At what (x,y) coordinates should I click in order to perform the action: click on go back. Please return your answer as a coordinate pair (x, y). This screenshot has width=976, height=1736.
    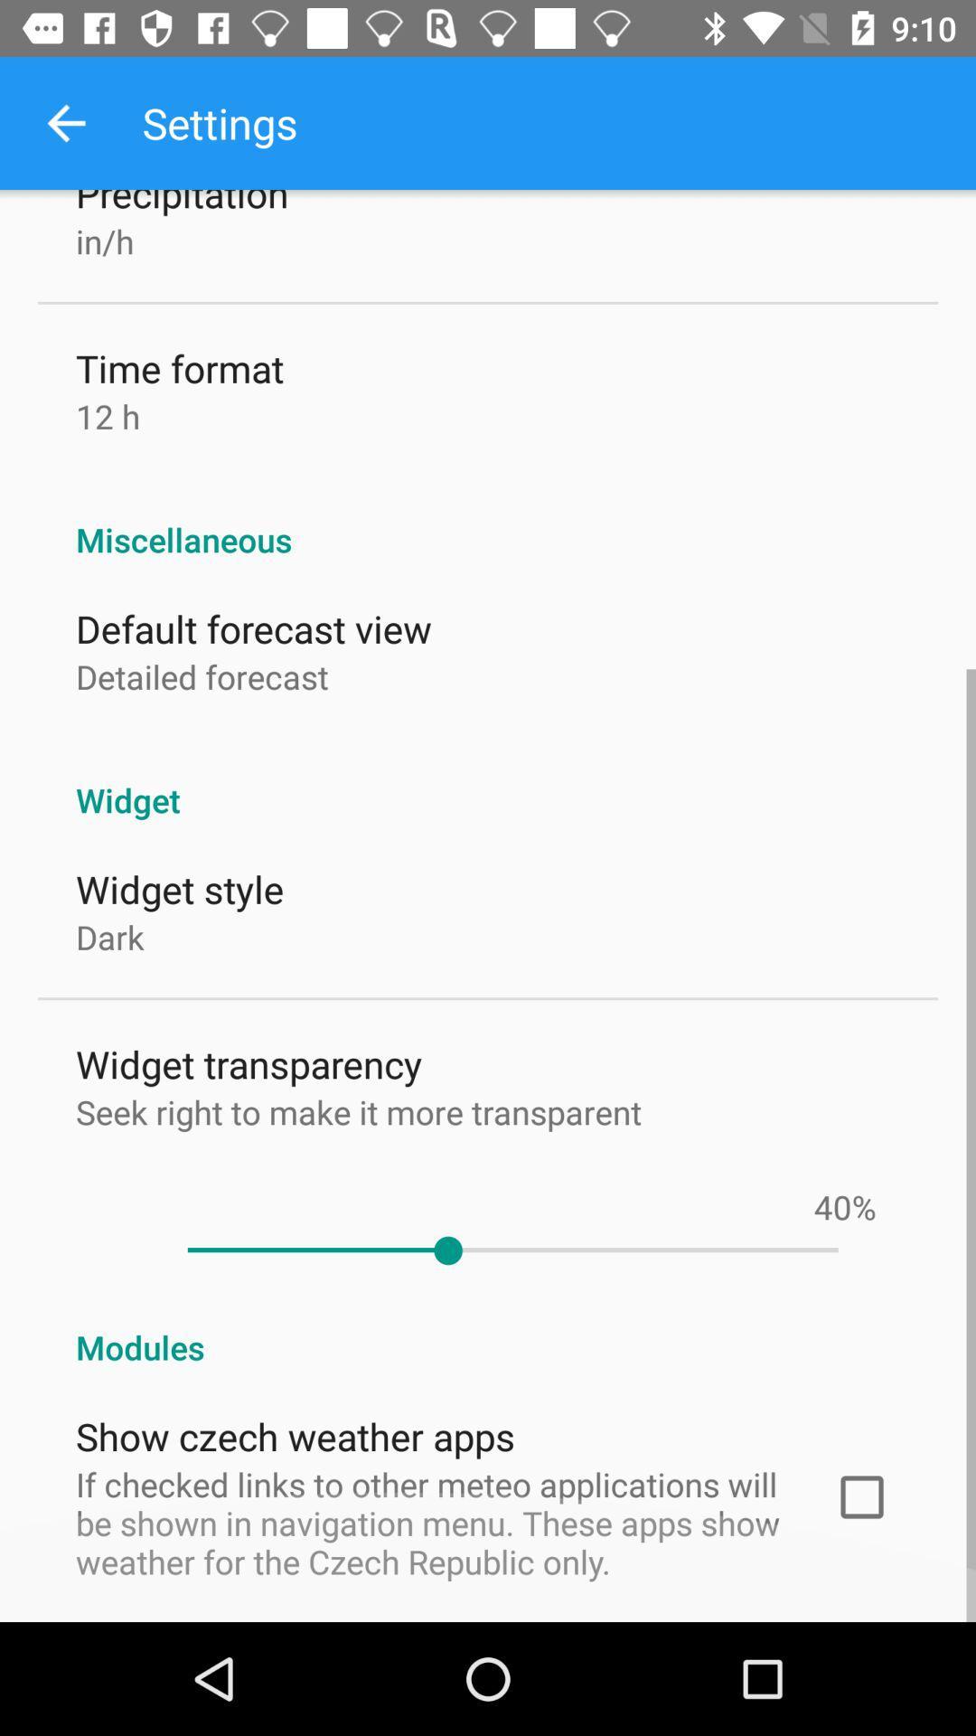
    Looking at the image, I should click on (65, 122).